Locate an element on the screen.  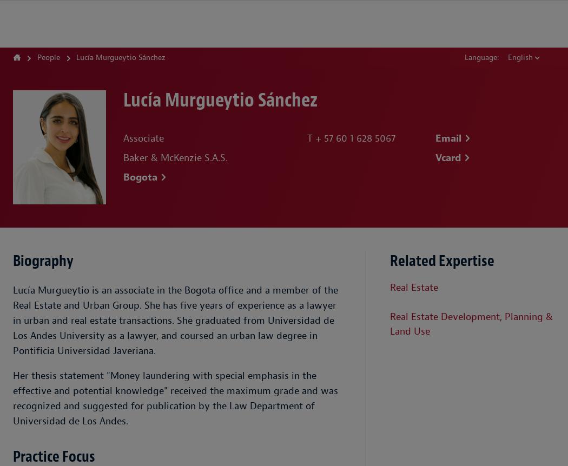
'Insight' is located at coordinates (306, 31).